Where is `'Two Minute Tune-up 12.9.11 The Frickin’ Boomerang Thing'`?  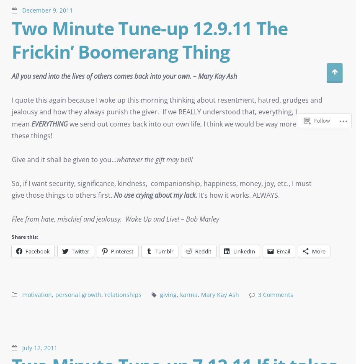
'Two Minute Tune-up 12.9.11 The Frickin’ Boomerang Thing' is located at coordinates (11, 39).